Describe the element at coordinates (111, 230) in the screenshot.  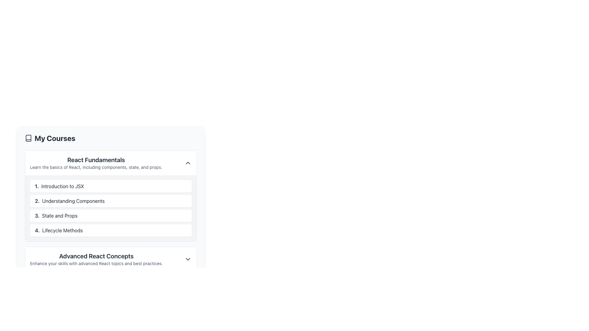
I see `the 'Lifecycle Methods' list item, the fourth item under the 'React Fundamentals' section, to highlight this topic` at that location.